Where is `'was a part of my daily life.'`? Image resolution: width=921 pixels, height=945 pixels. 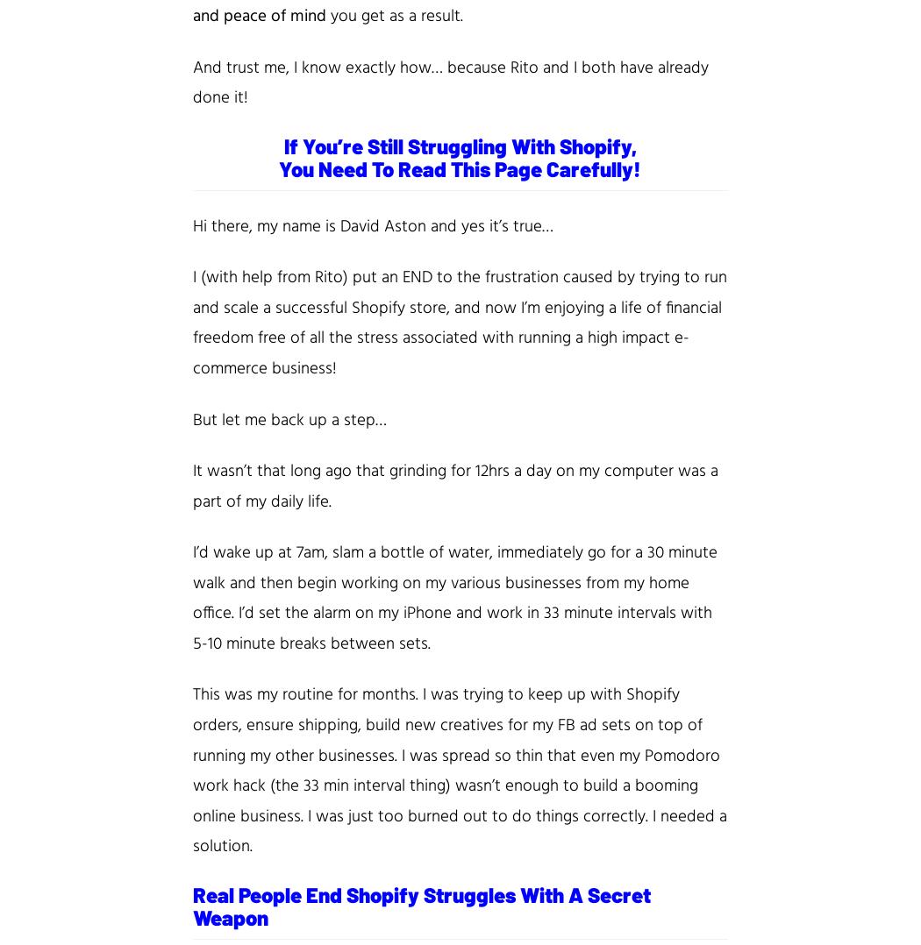 'was a part of my daily life.' is located at coordinates (454, 485).